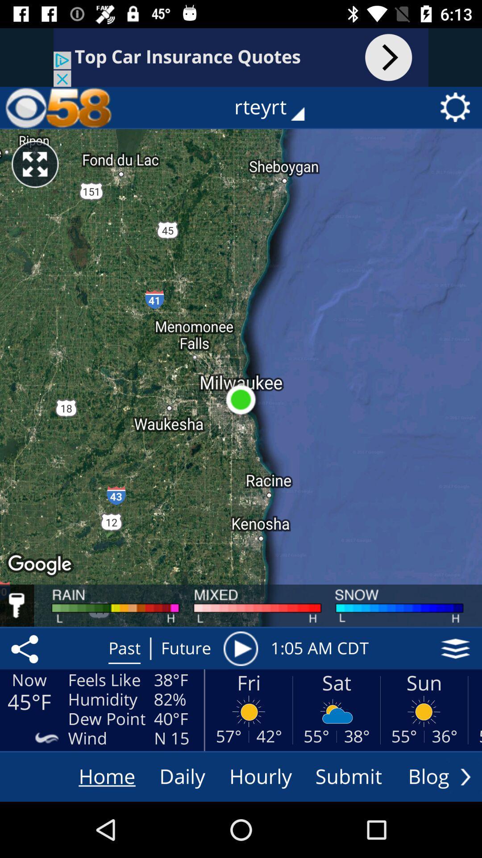  I want to click on the item next to rteyrt icon, so click(58, 107).